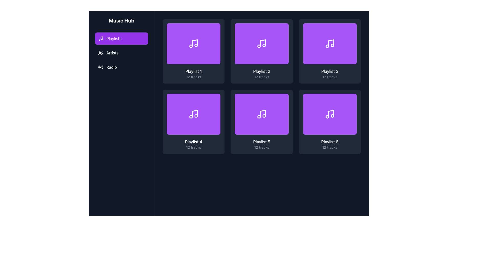  Describe the element at coordinates (332, 116) in the screenshot. I see `the upper-right circular shape of the music note icon located in the sixth card of the grid layout, which is in the third column of the second row` at that location.